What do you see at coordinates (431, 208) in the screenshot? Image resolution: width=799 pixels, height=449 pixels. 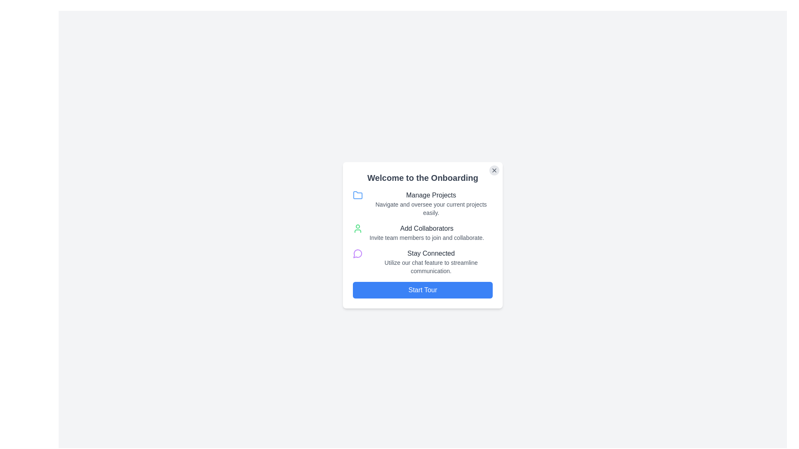 I see `the explanatory subtitle text located centrally within the onboarding card, directly under the 'Manage Projects' title` at bounding box center [431, 208].